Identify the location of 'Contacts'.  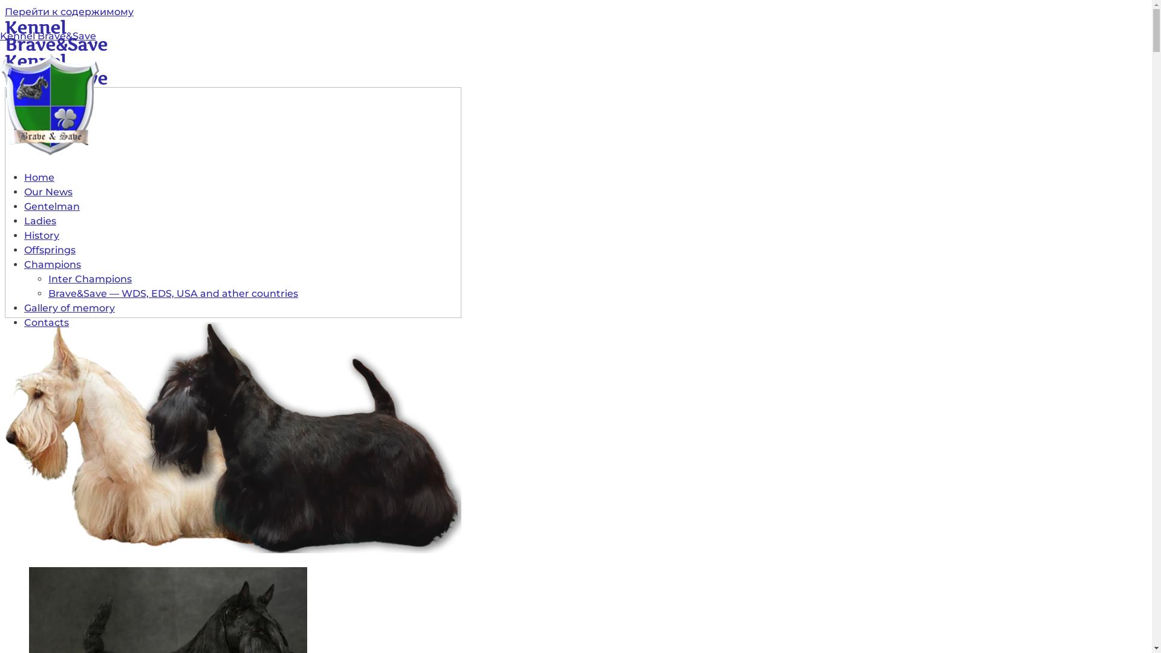
(24, 322).